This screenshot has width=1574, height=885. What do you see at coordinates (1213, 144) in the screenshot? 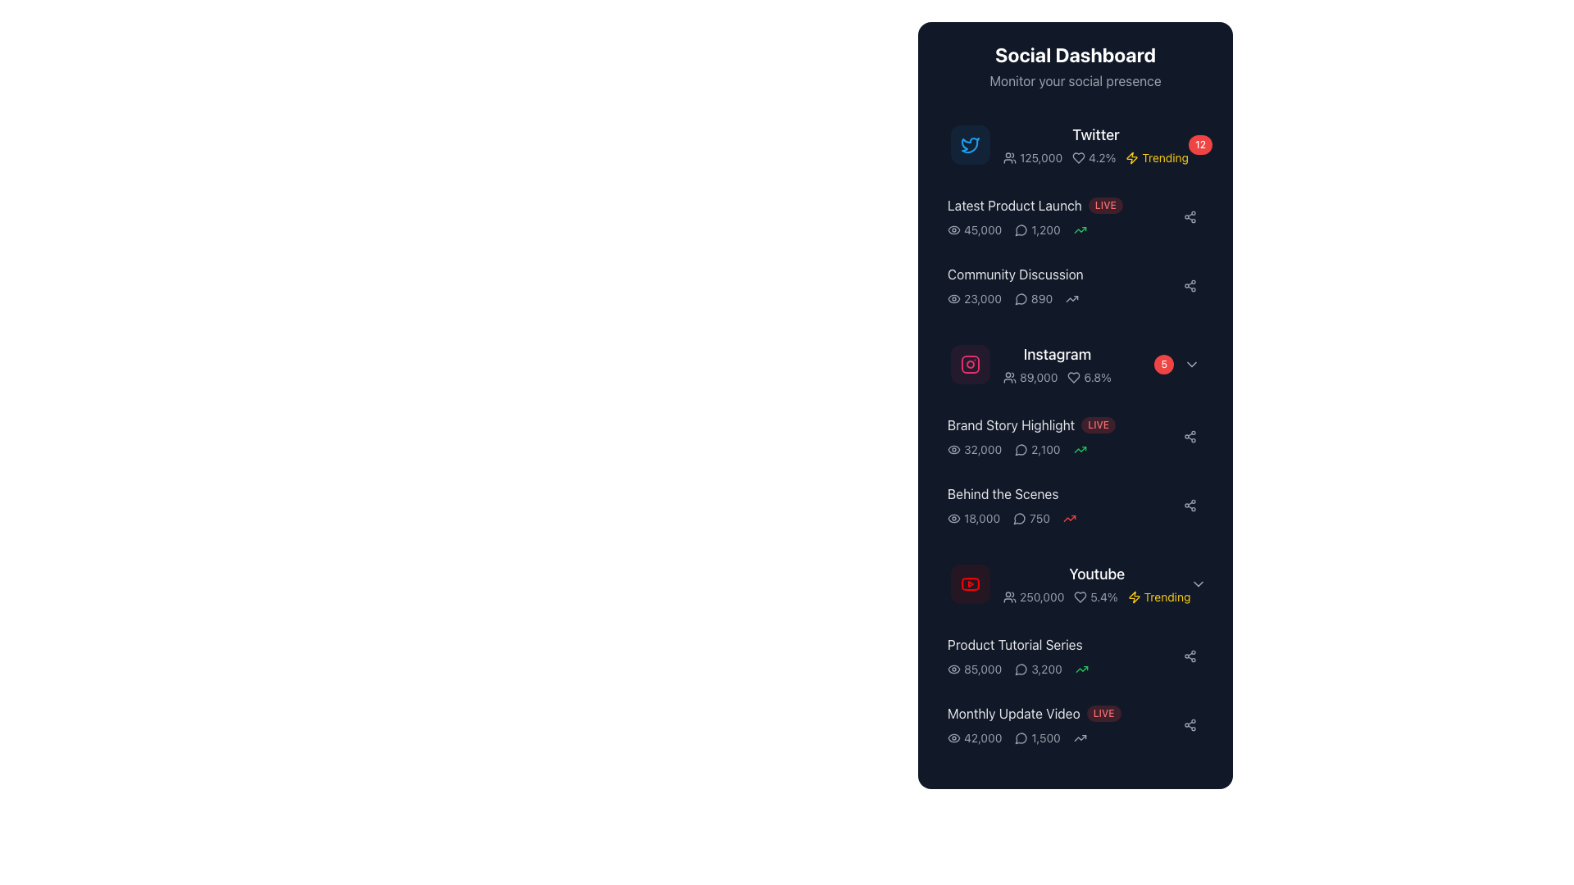
I see `the value displayed on the Notification badge located at the rightmost side of the 'Twitter' section in the dashboard, aligned with the 'Twitter' heading and 'Trending' label` at bounding box center [1213, 144].